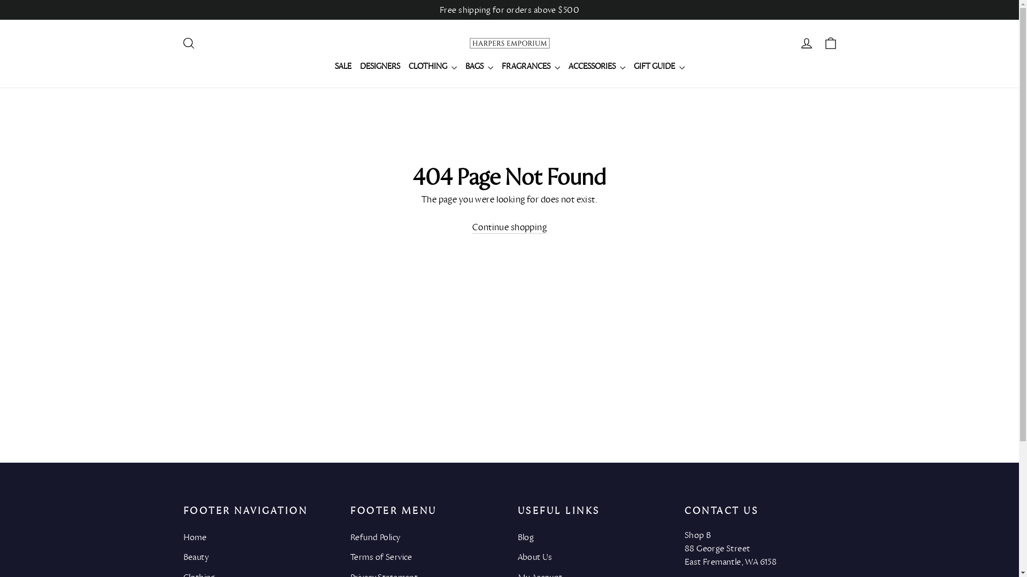 The height and width of the screenshot is (577, 1027). I want to click on 'FRAGRANCES', so click(497, 66).